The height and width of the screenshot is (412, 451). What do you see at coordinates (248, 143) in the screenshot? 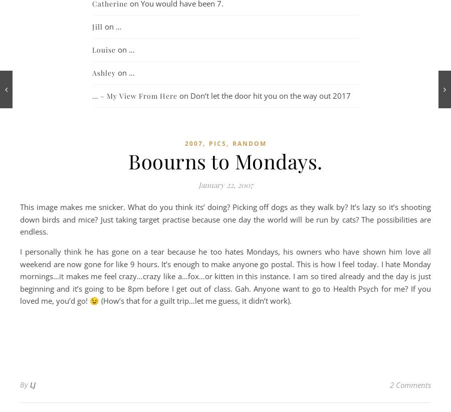
I see `'random'` at bounding box center [248, 143].